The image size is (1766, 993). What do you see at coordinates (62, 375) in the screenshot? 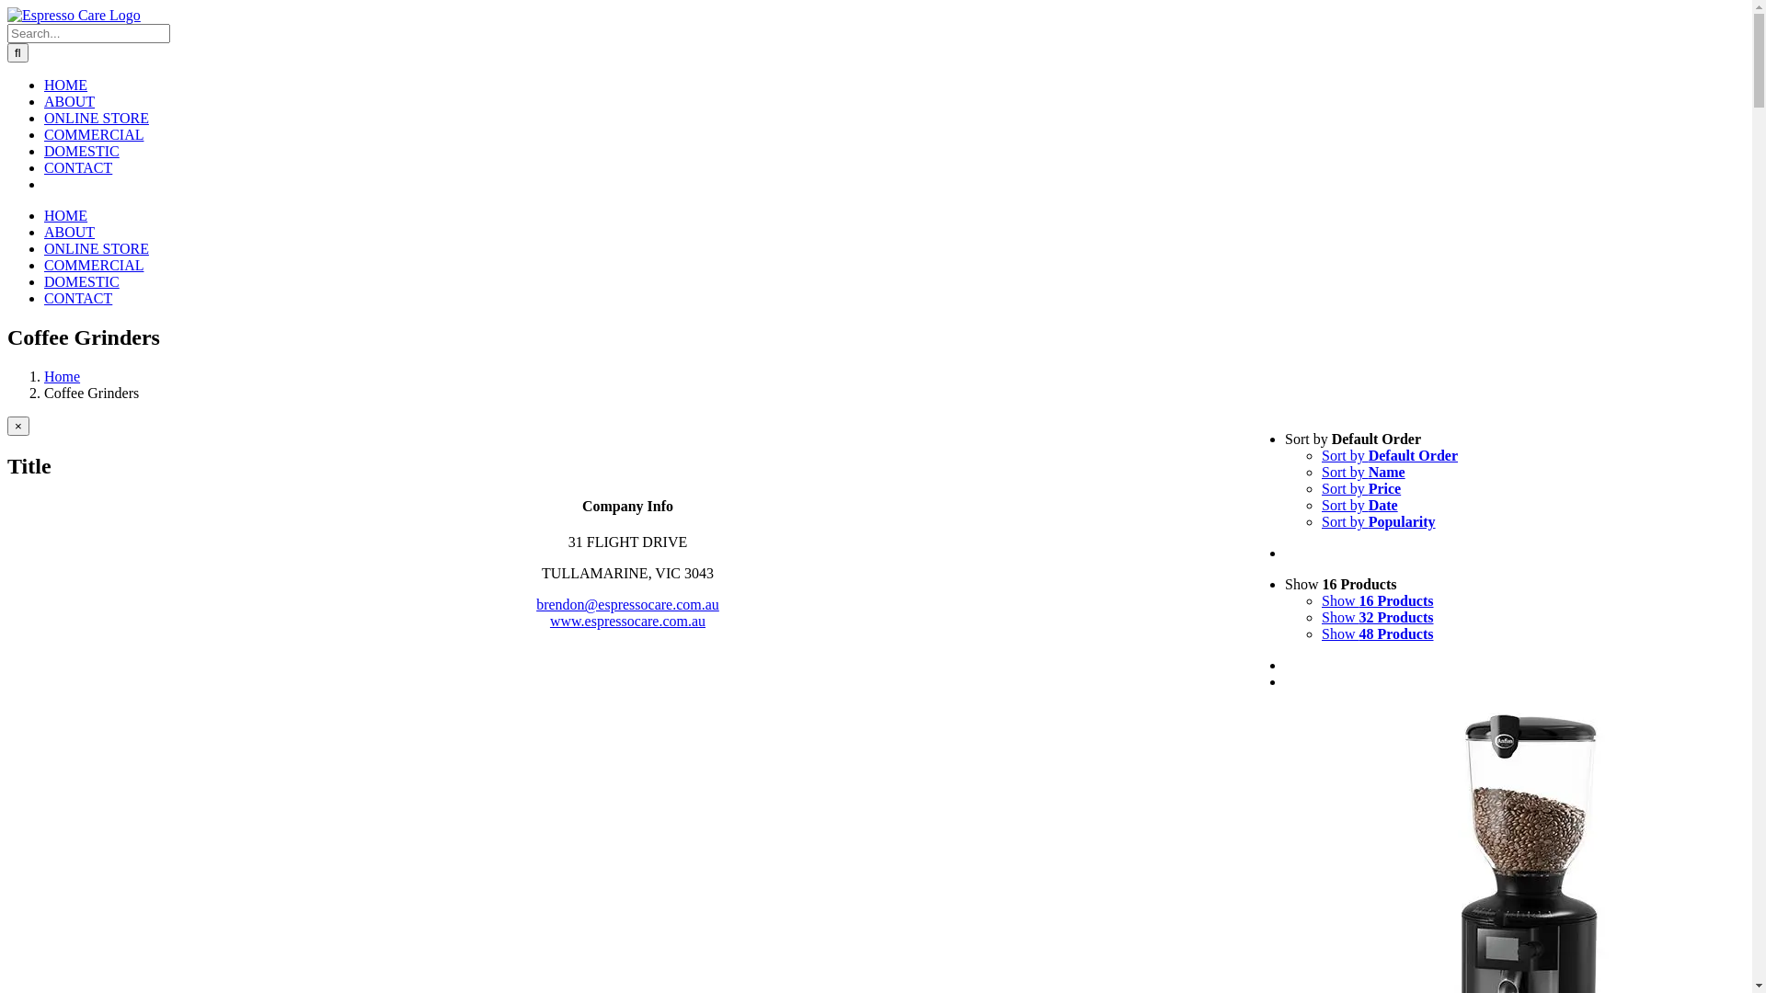
I see `'Home'` at bounding box center [62, 375].